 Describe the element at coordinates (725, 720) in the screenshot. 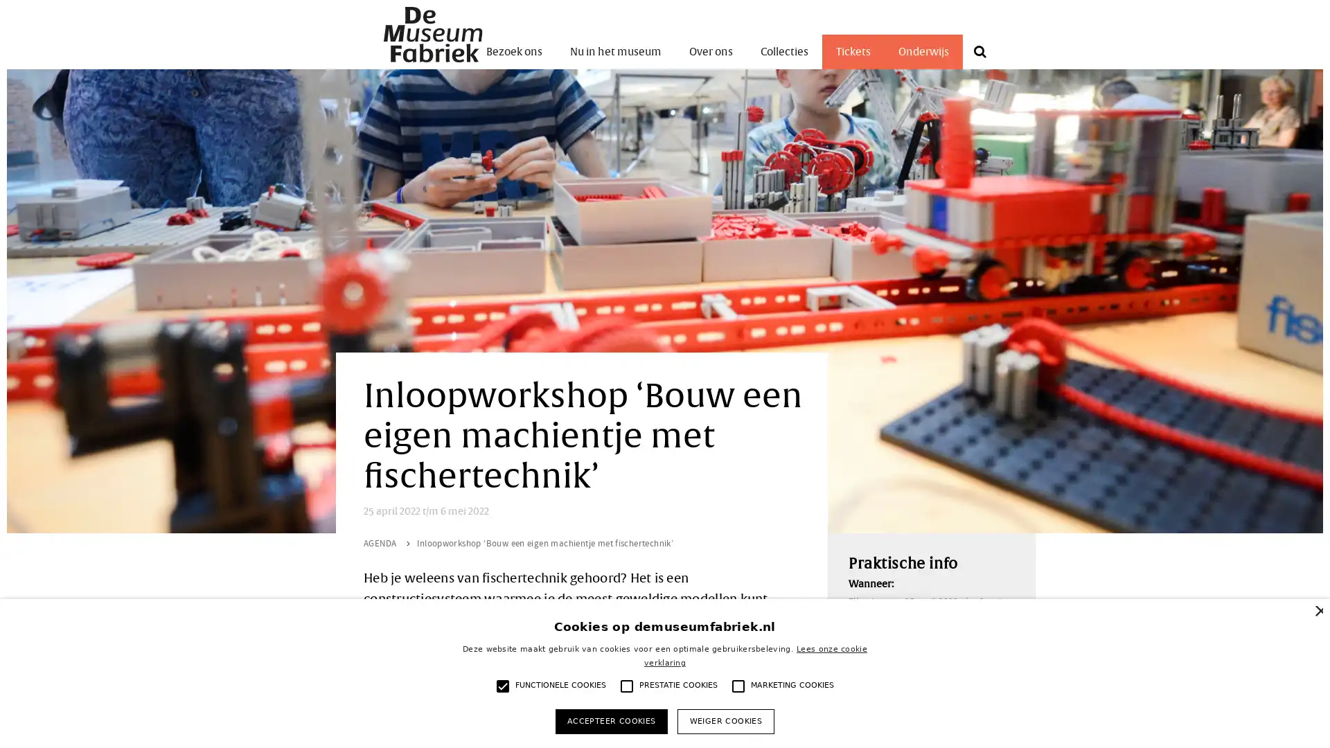

I see `WEIGER COOKIES` at that location.